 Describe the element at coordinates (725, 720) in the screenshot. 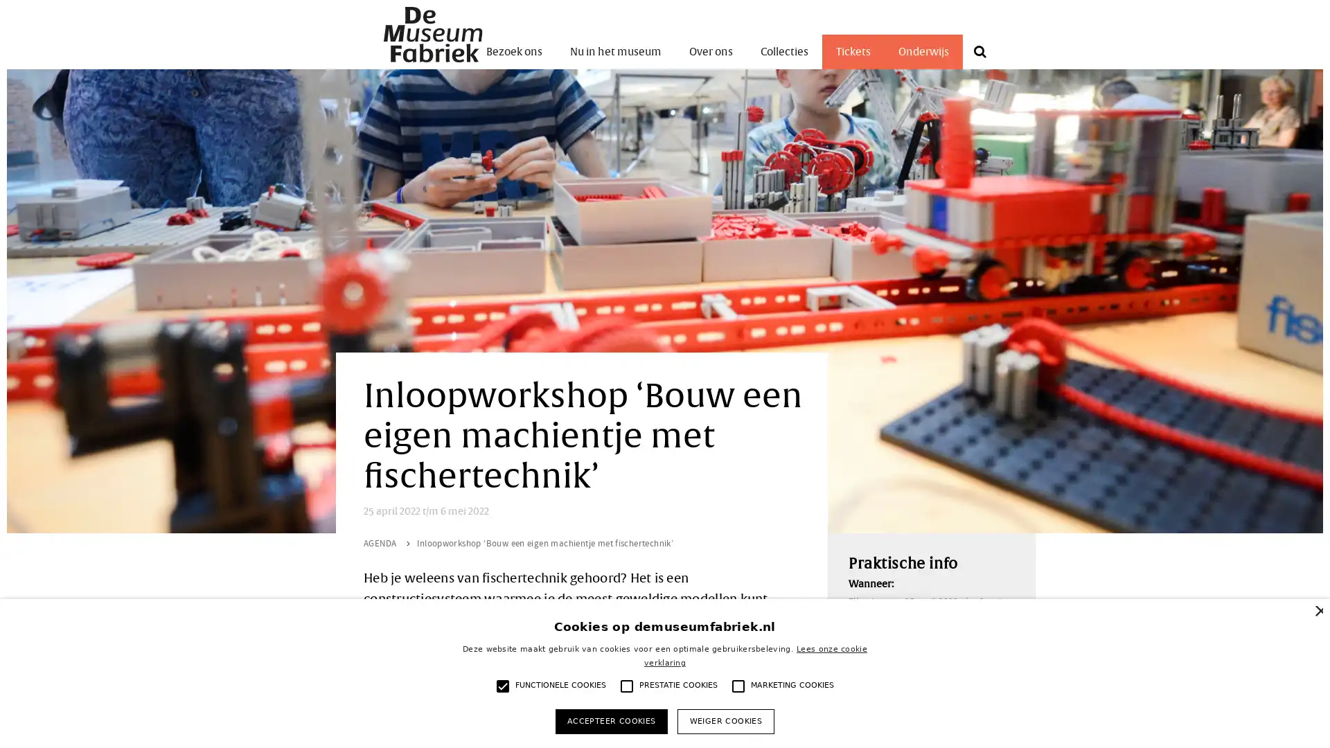

I see `WEIGER COOKIES` at that location.